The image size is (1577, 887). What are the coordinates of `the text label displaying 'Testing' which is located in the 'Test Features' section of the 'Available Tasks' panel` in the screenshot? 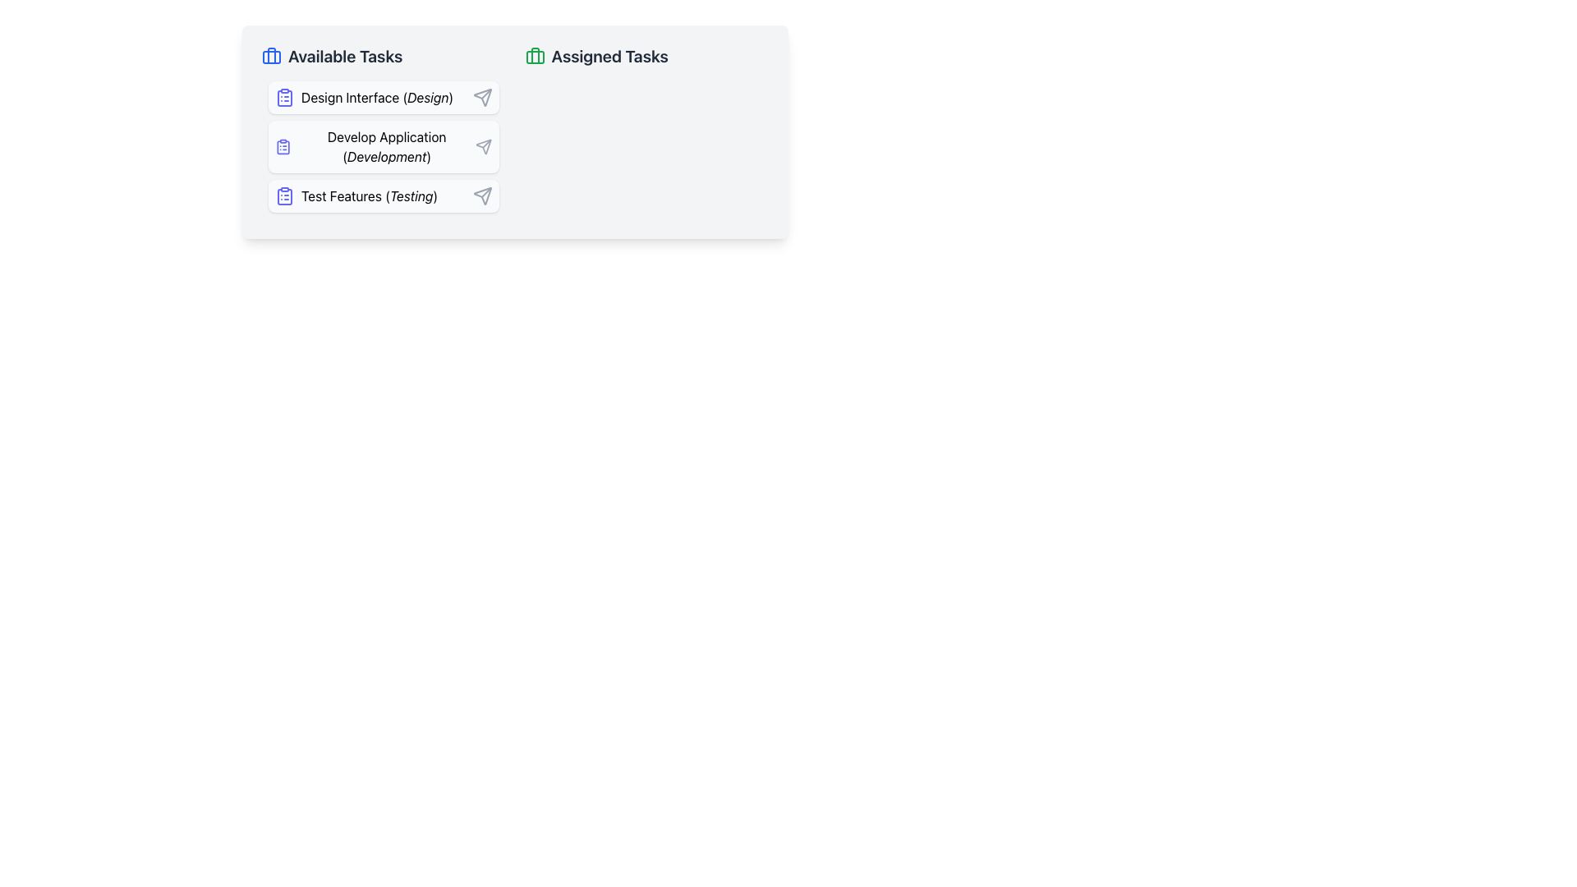 It's located at (411, 195).